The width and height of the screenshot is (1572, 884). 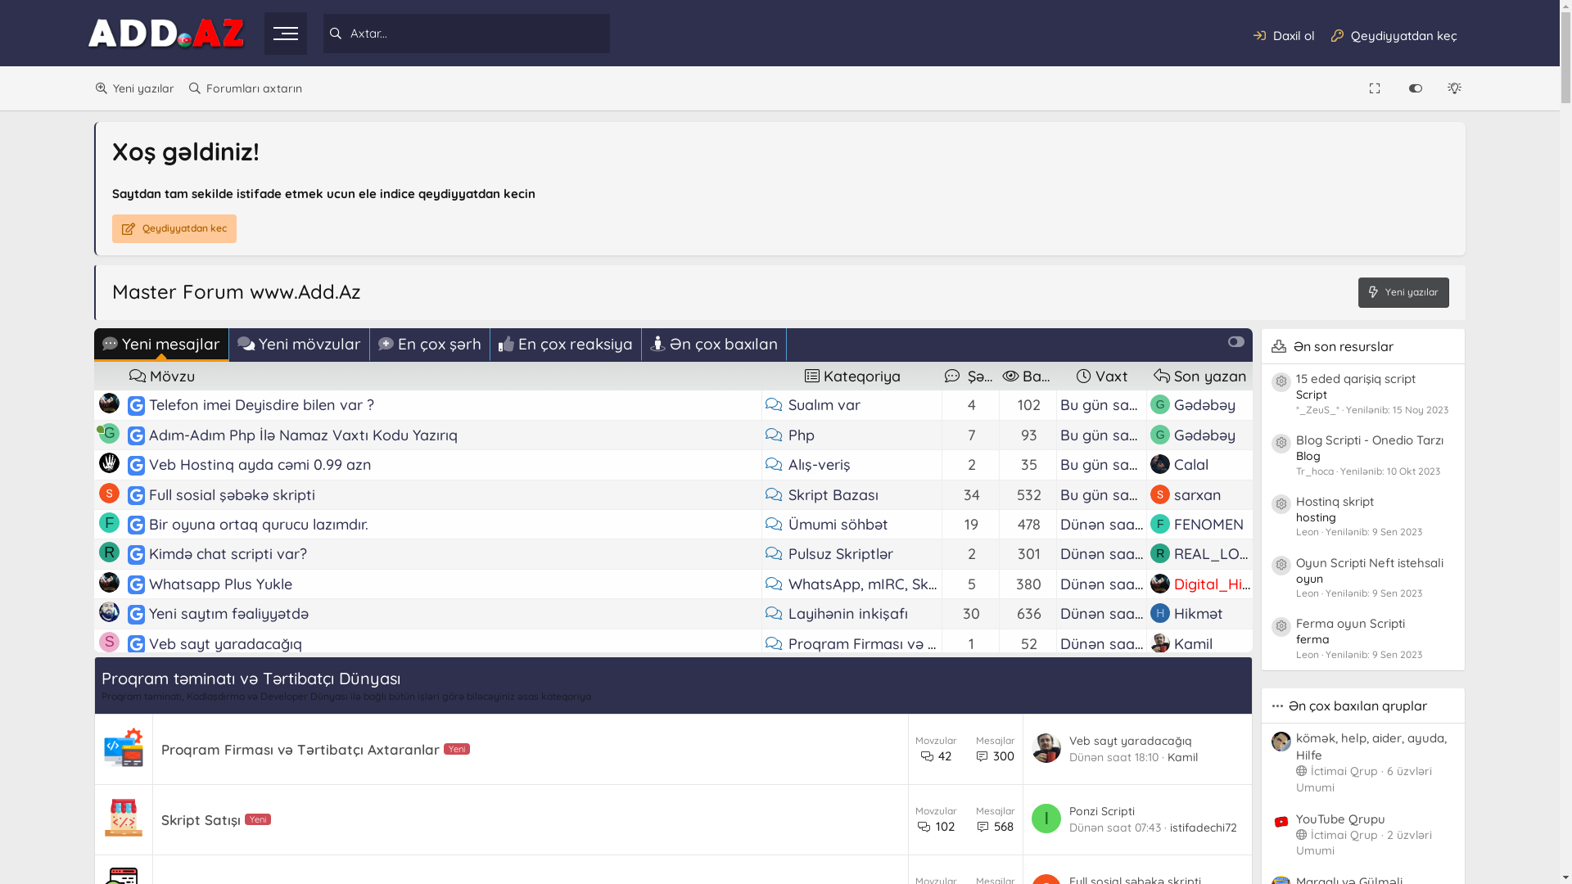 I want to click on 'Daxil ol', so click(x=1283, y=34).